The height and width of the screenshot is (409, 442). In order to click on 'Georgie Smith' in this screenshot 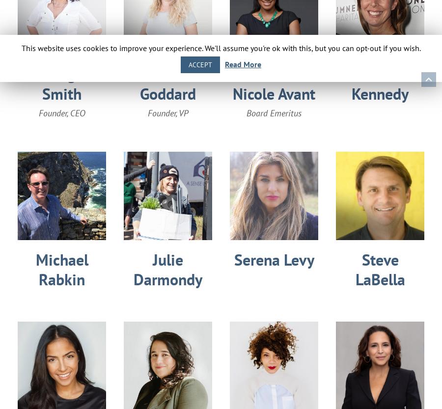, I will do `click(61, 84)`.